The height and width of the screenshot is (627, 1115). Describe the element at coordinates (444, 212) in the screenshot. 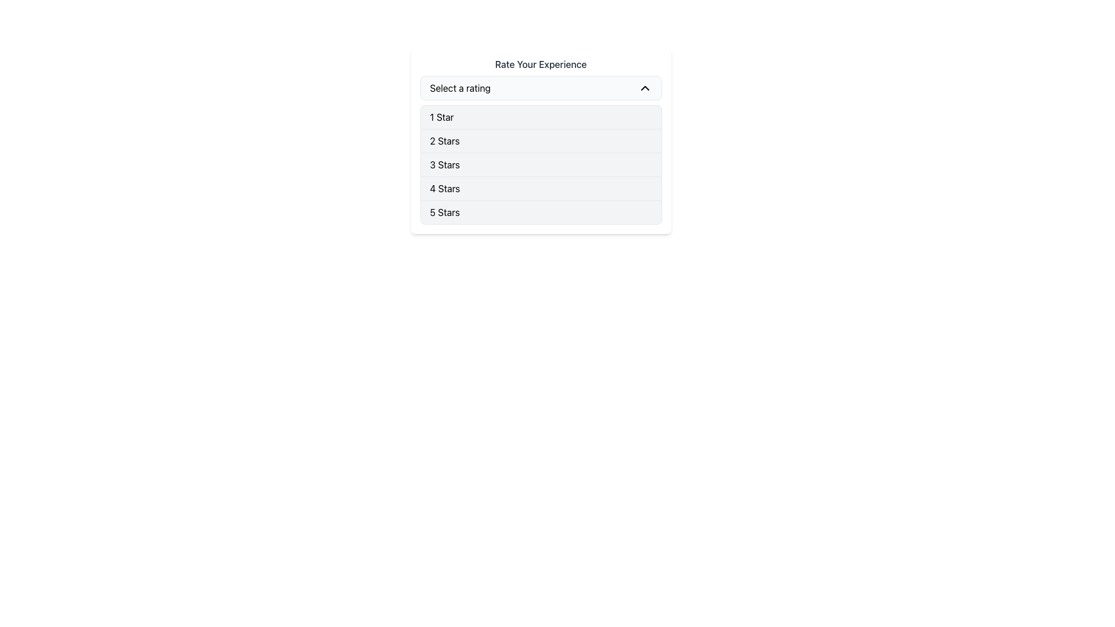

I see `the text label displaying '5 Stars'` at that location.